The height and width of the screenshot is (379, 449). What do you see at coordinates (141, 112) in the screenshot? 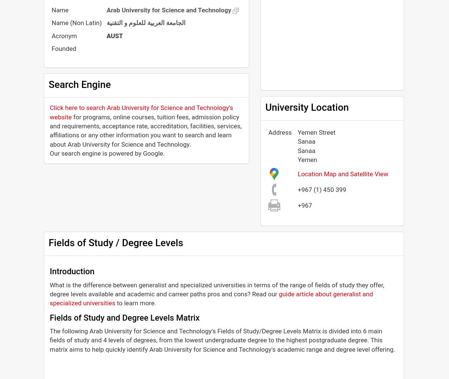
I see `'Click here to search Arab University for Science and Technology's website'` at bounding box center [141, 112].